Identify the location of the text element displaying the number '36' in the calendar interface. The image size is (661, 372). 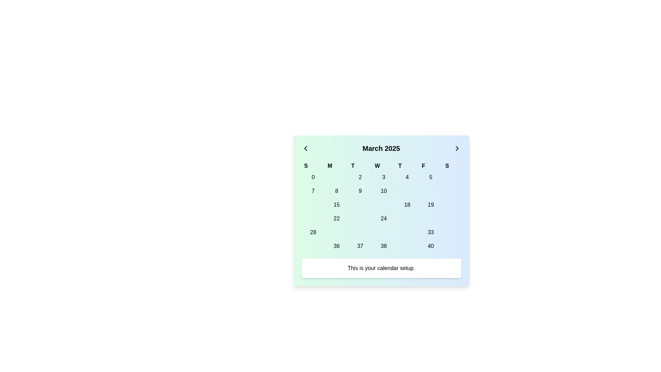
(337, 246).